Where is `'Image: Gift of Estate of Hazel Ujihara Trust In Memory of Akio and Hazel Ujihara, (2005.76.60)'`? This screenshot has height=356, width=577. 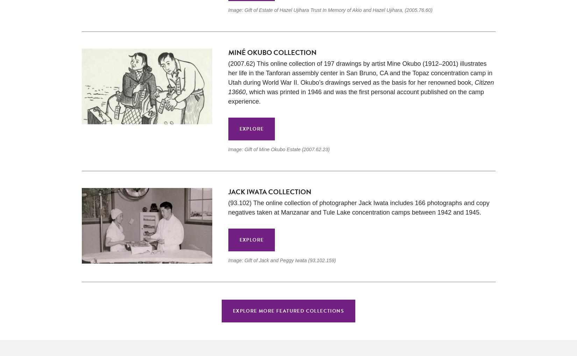 'Image: Gift of Estate of Hazel Ujihara Trust In Memory of Akio and Hazel Ujihara, (2005.76.60)' is located at coordinates (330, 9).